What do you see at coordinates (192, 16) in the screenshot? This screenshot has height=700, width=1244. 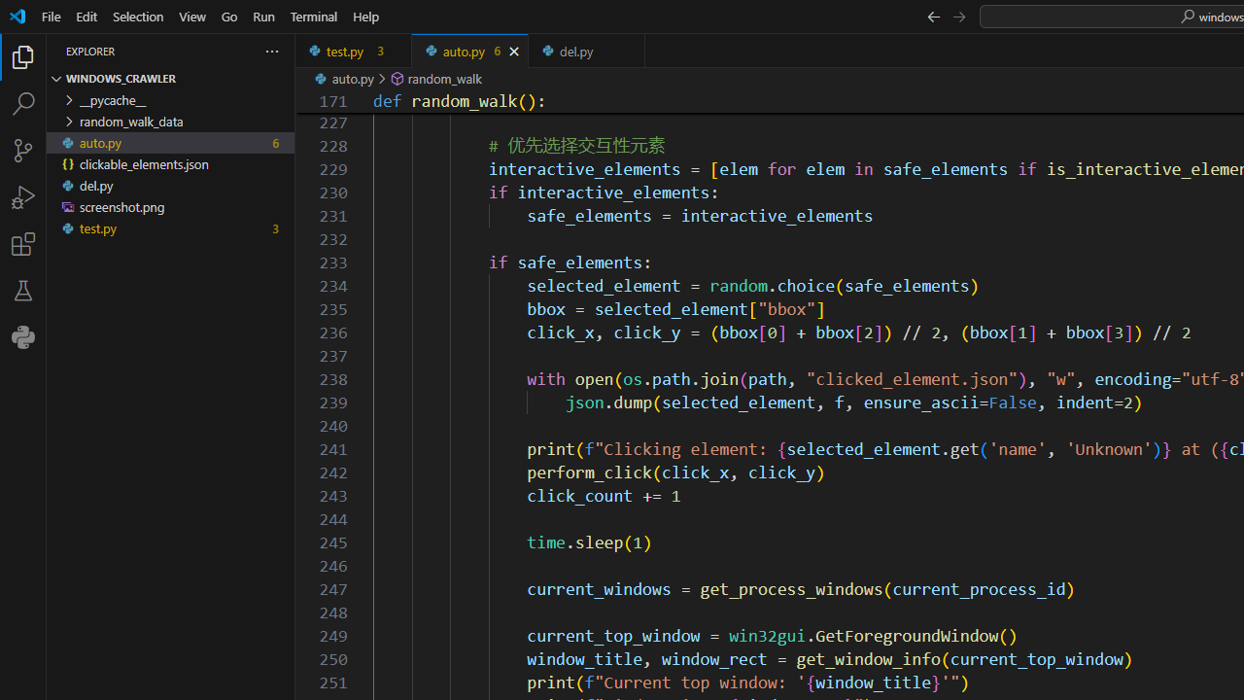 I see `'View'` at bounding box center [192, 16].